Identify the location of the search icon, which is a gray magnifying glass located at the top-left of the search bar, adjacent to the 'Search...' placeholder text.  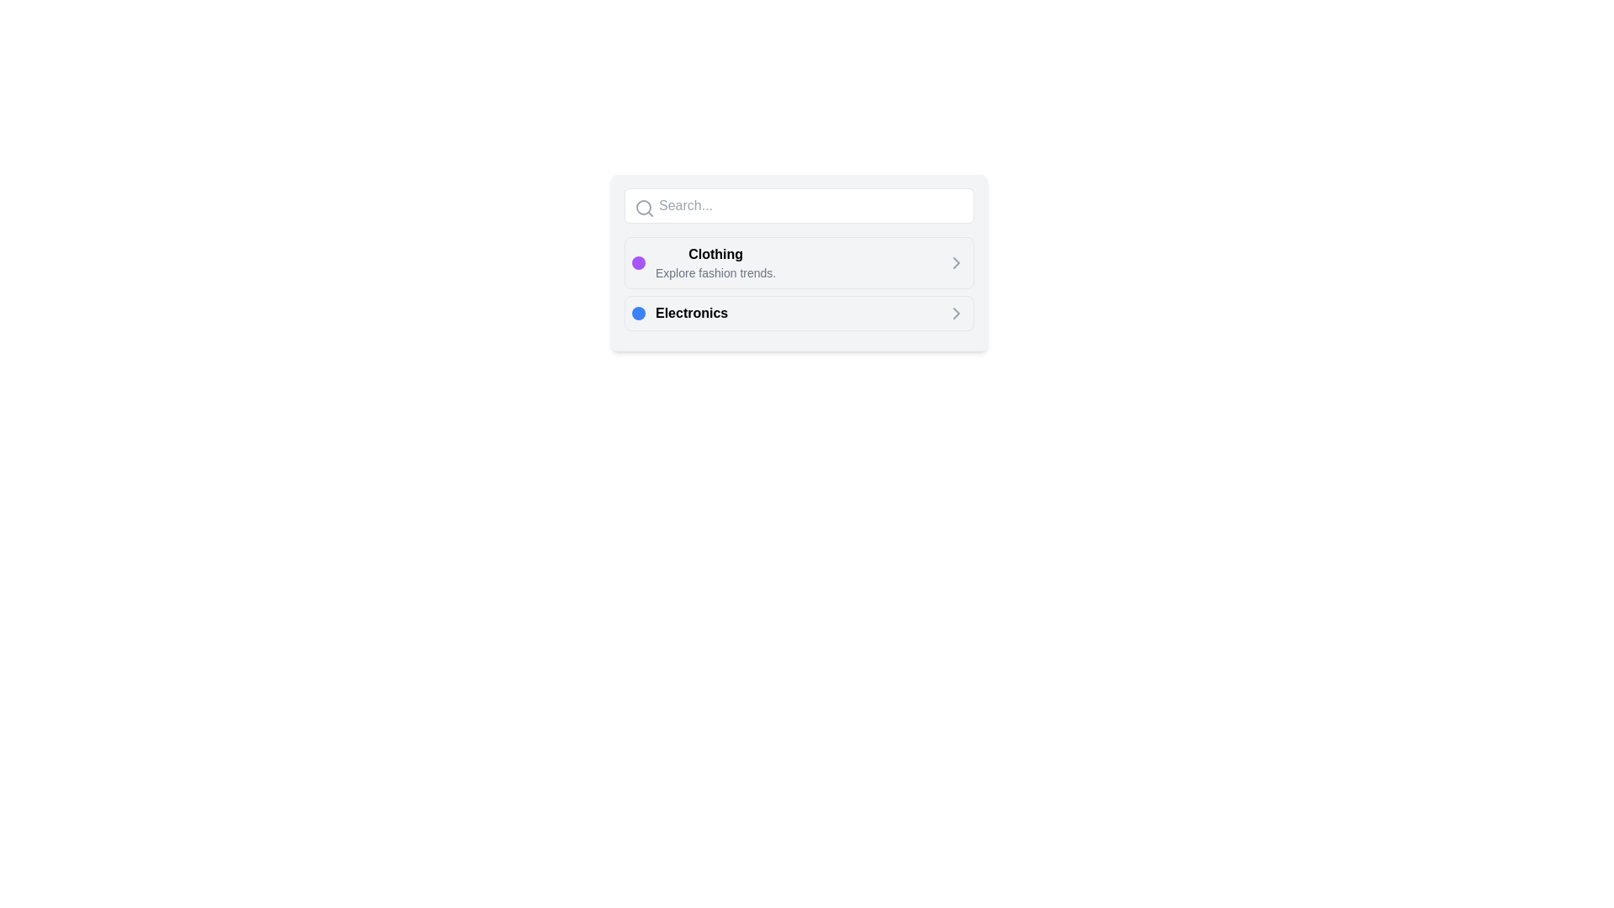
(644, 207).